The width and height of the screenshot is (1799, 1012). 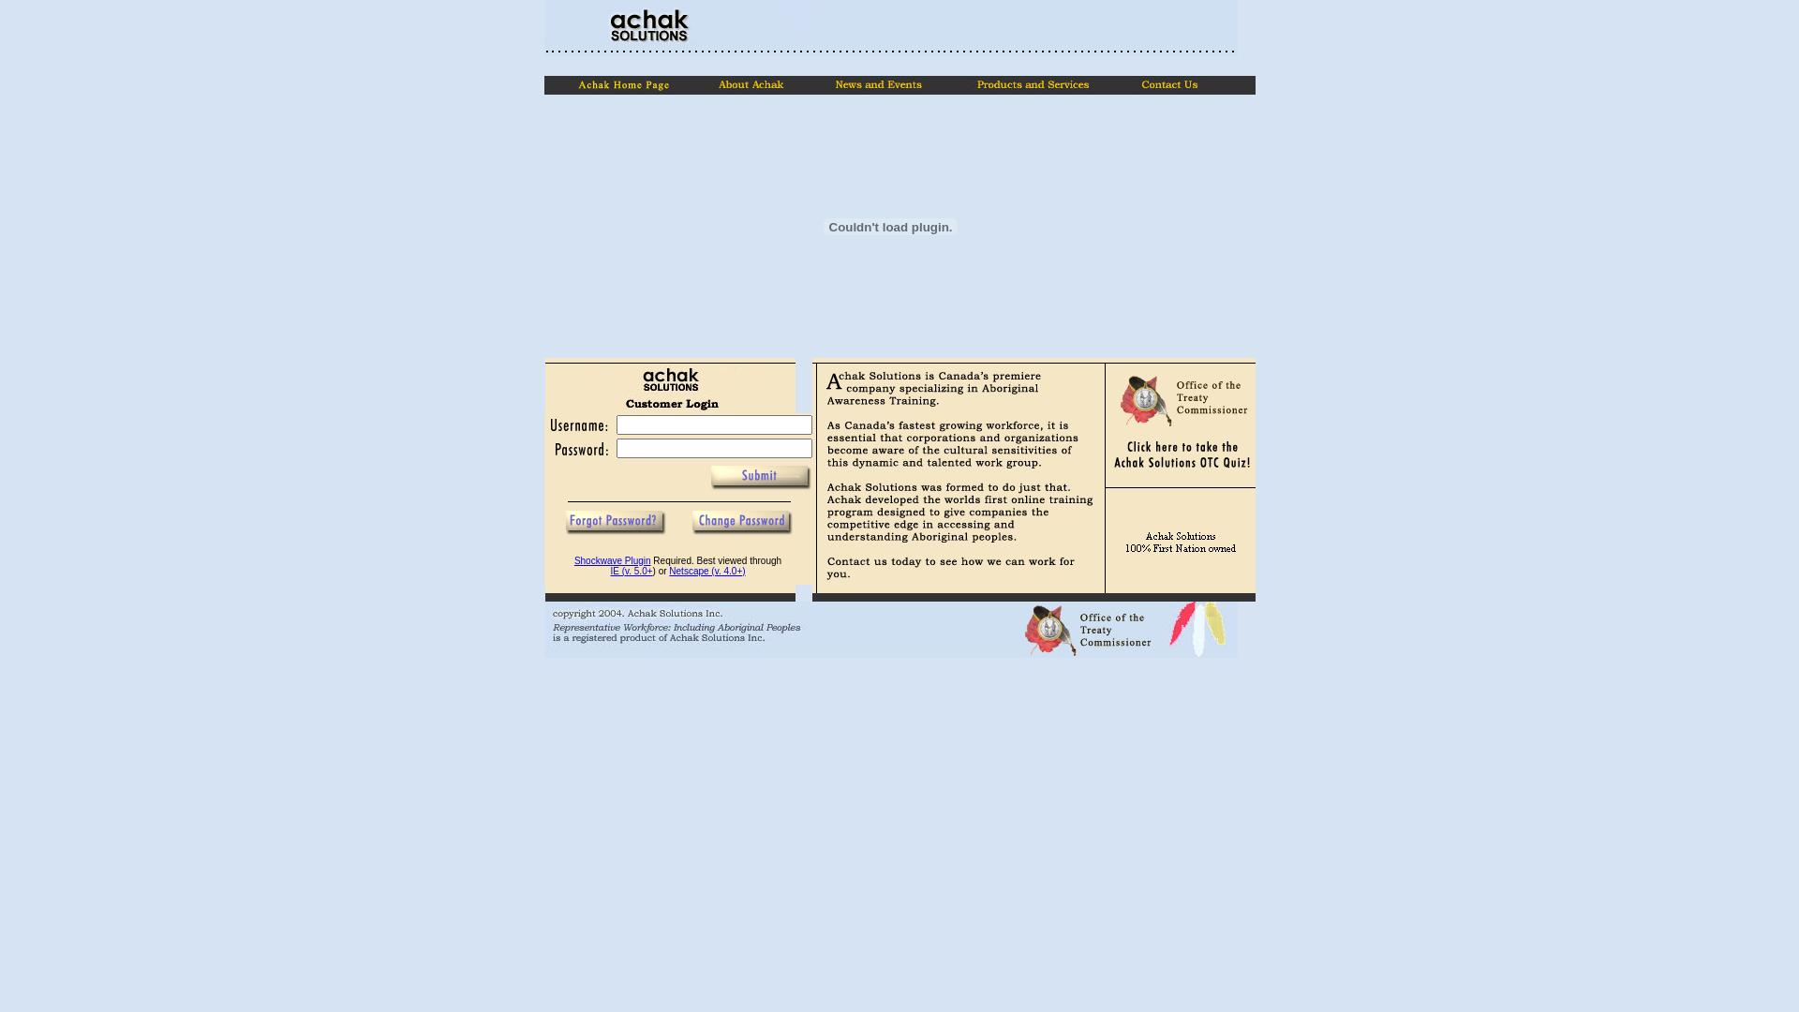 I want to click on 'Netscape (v. 4.0+)', so click(x=706, y=570).